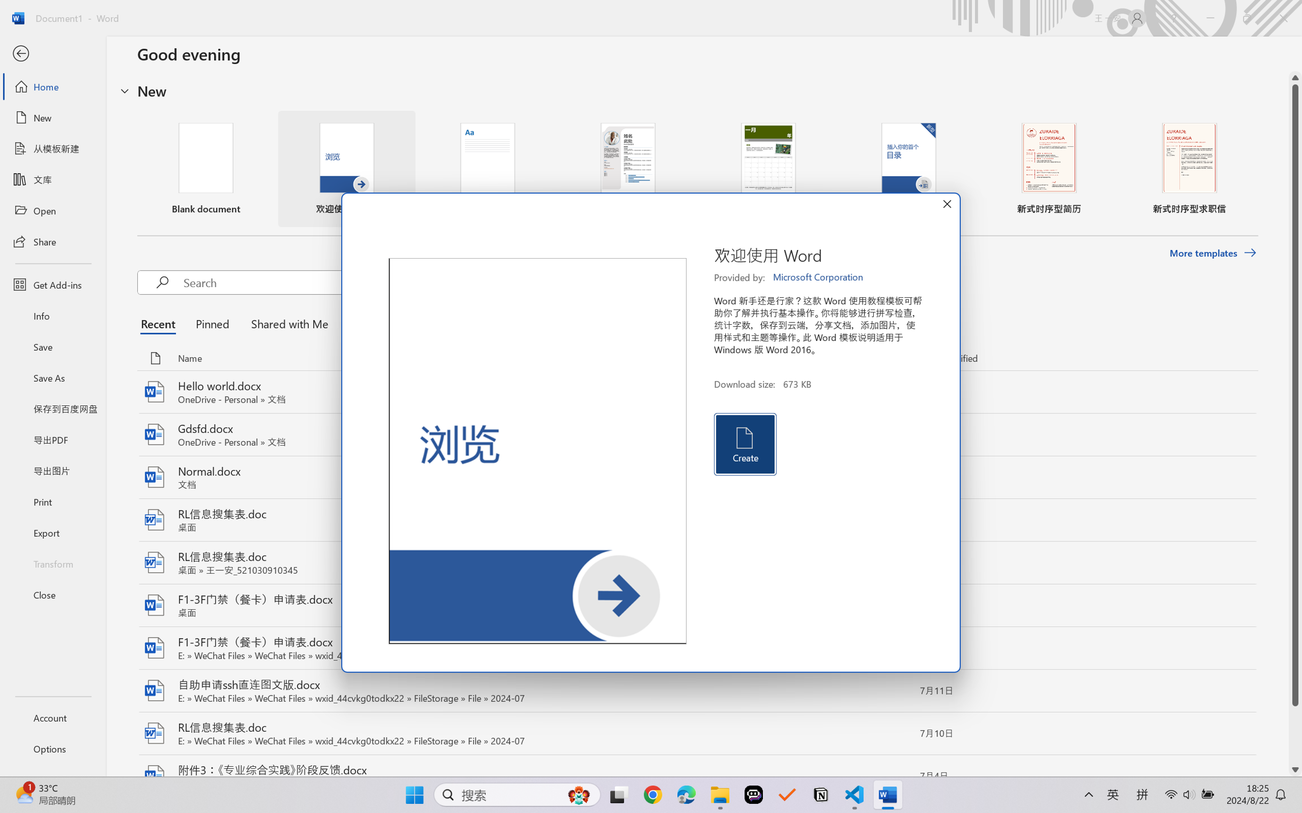  Describe the element at coordinates (286, 323) in the screenshot. I see `'Shared with Me'` at that location.